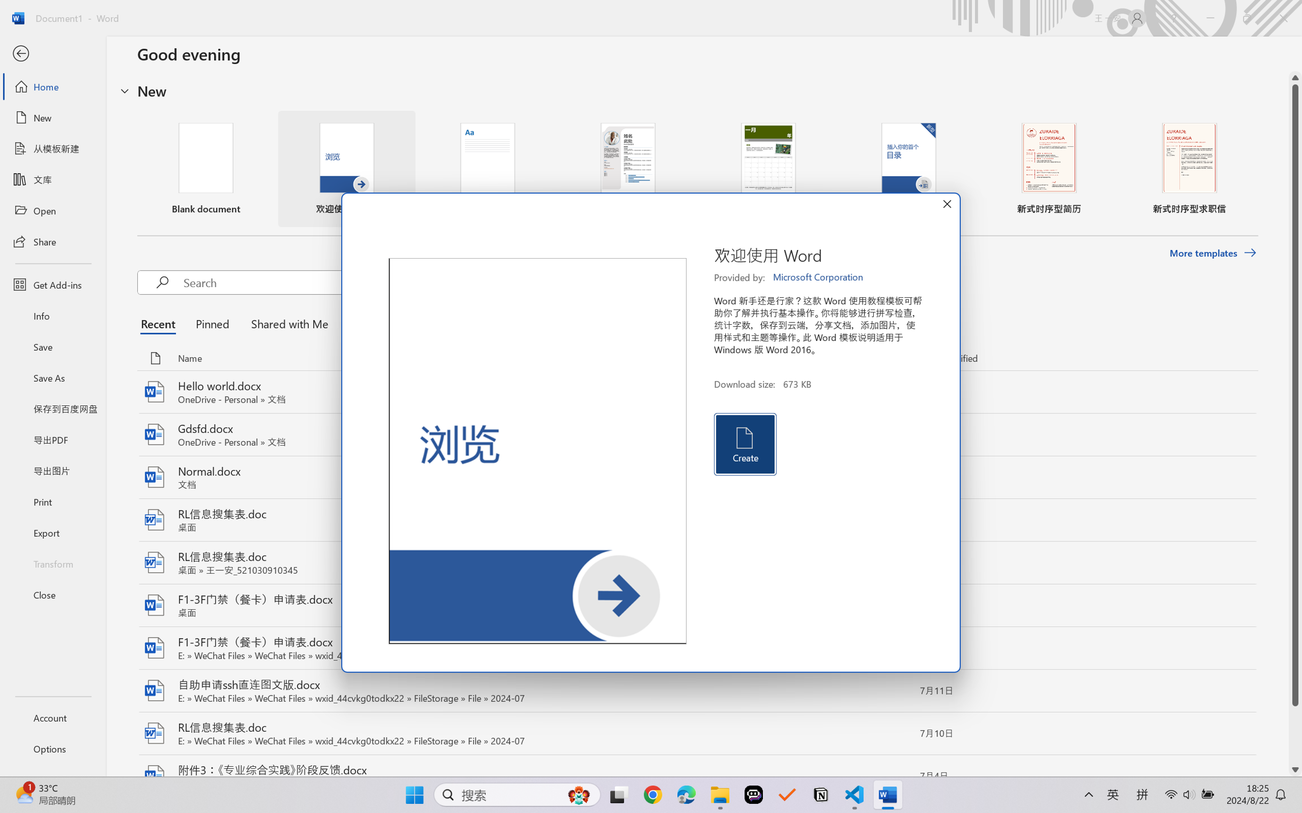  Describe the element at coordinates (286, 323) in the screenshot. I see `'Shared with Me'` at that location.